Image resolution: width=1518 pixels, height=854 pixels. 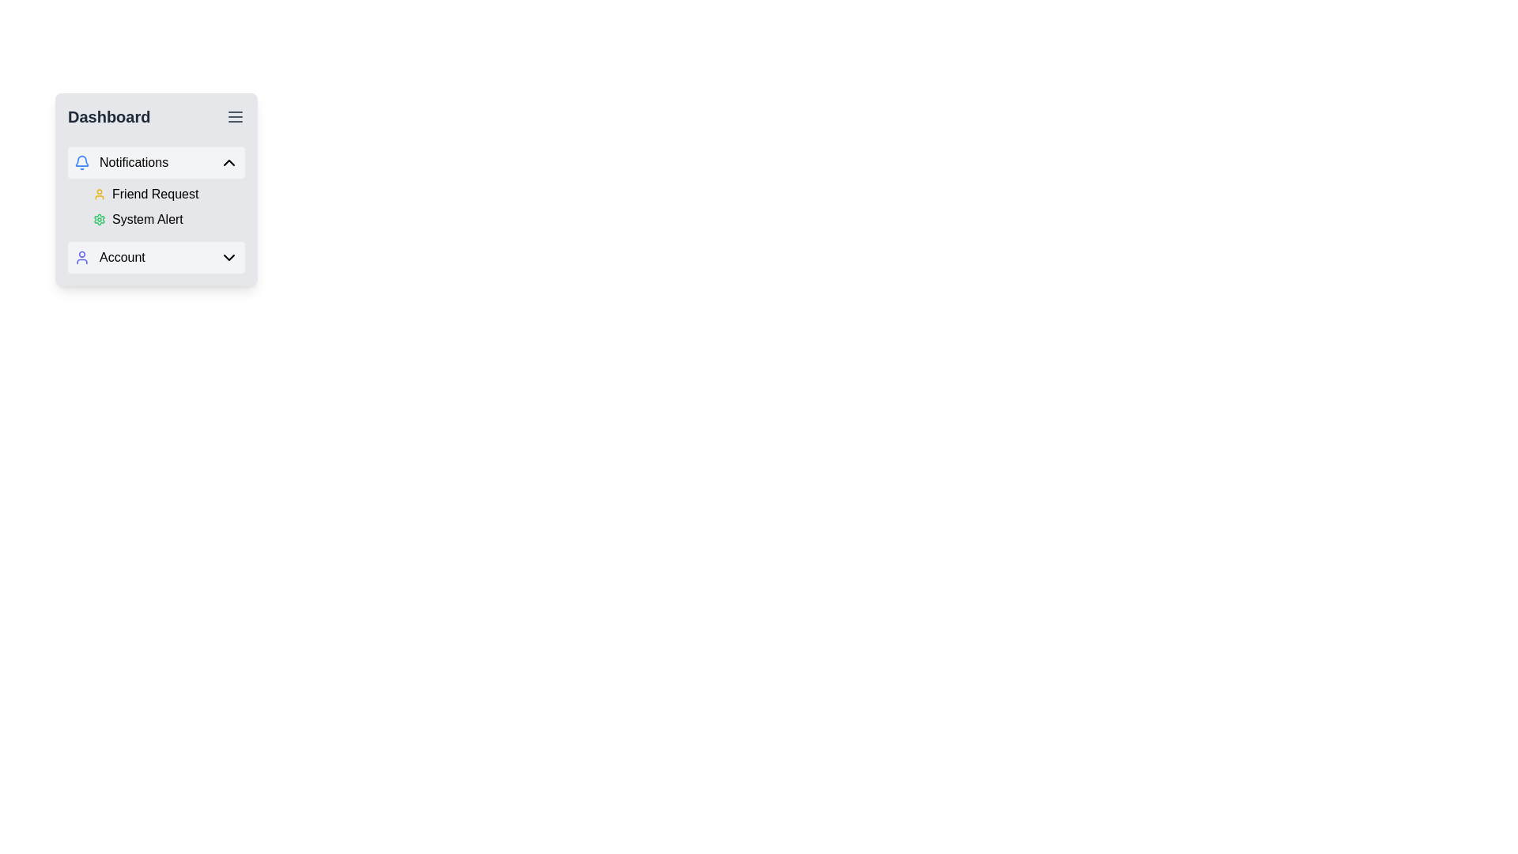 What do you see at coordinates (169, 194) in the screenshot?
I see `'Friend Request' label located in the Notifications section of the dashboard interface, which displays a yellow user icon next to the text` at bounding box center [169, 194].